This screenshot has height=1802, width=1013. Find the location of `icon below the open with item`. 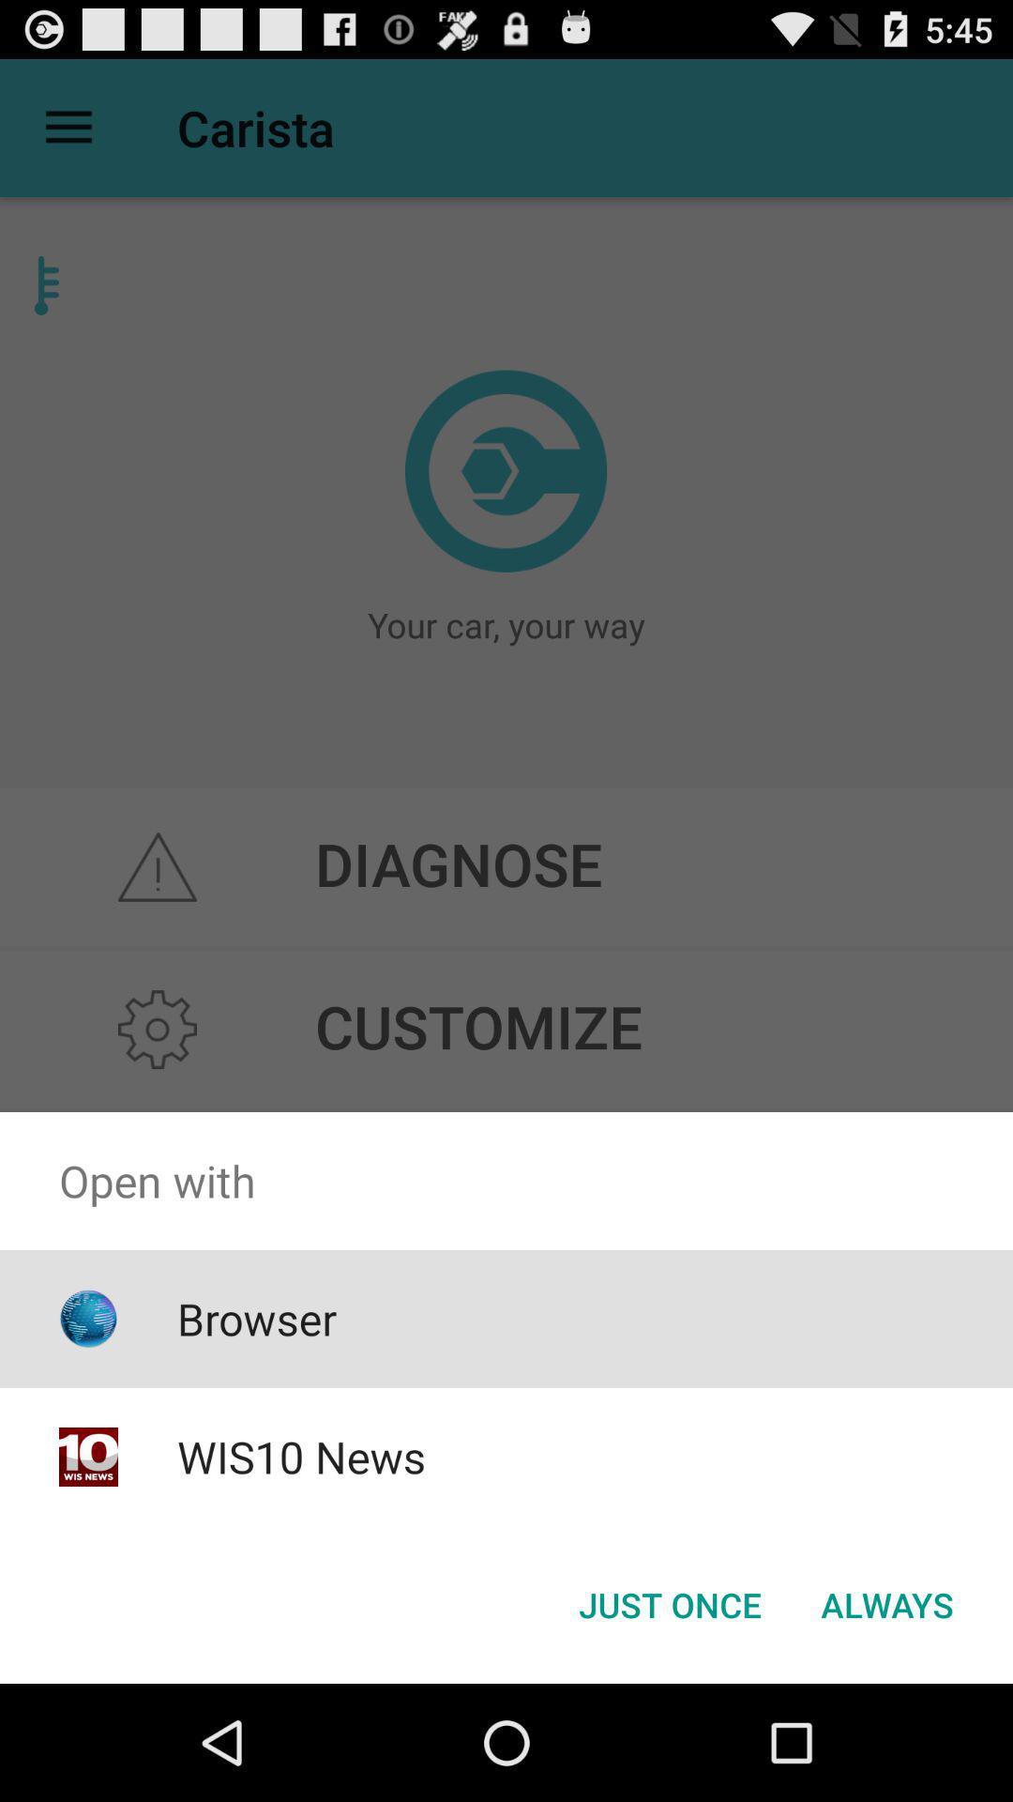

icon below the open with item is located at coordinates (257, 1318).